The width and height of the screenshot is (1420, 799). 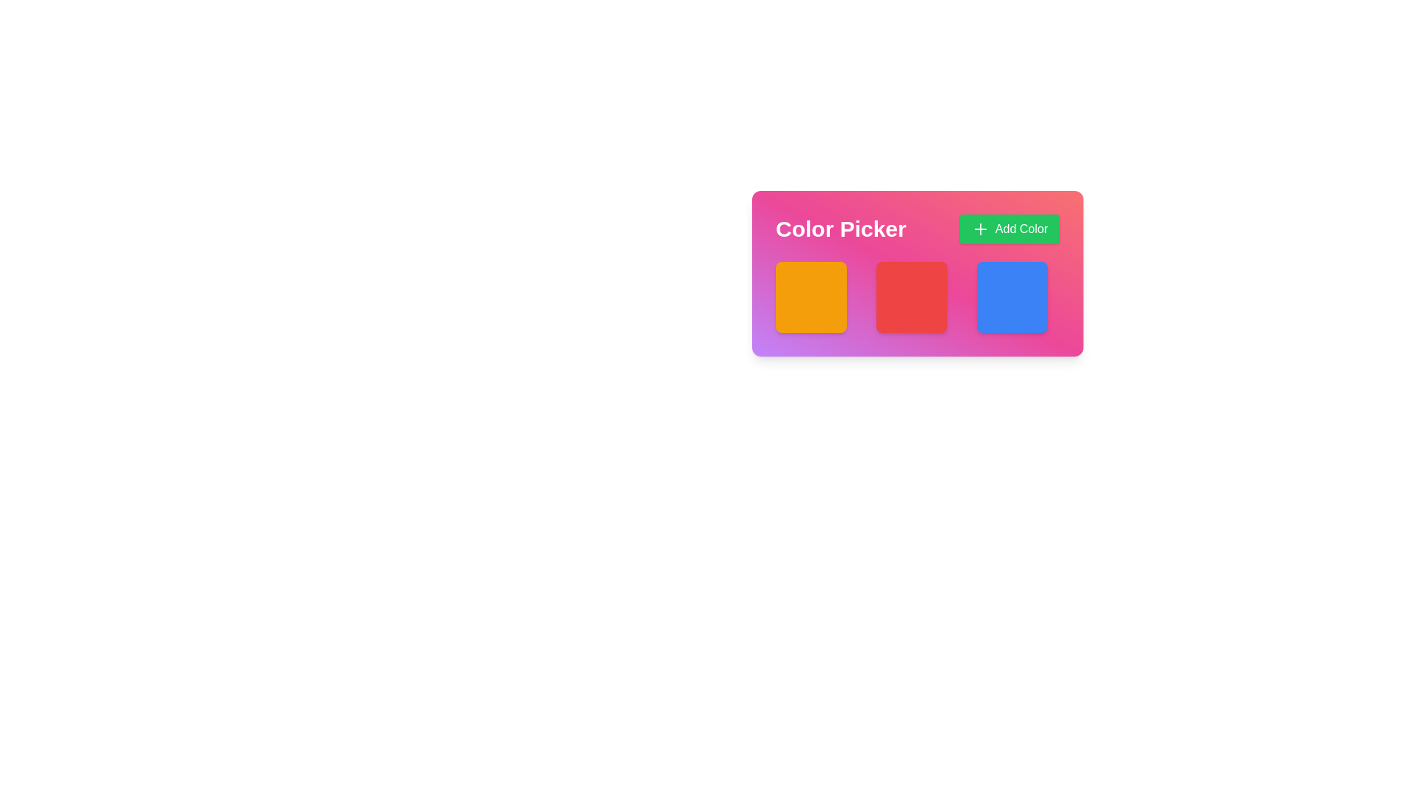 I want to click on the plus icon located within the 'Add Color' button to initiate the 'Add Color' function, so click(x=980, y=229).